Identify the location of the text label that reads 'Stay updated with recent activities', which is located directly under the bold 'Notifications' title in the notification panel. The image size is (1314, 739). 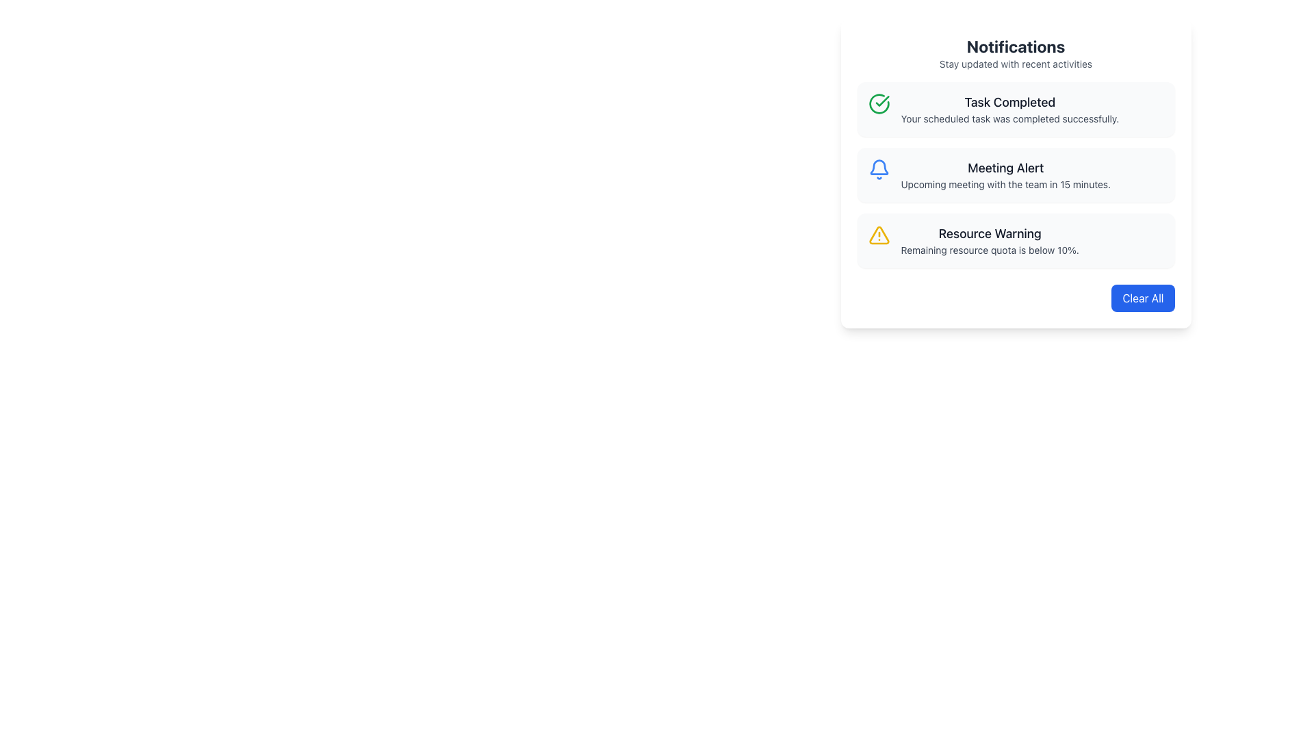
(1016, 64).